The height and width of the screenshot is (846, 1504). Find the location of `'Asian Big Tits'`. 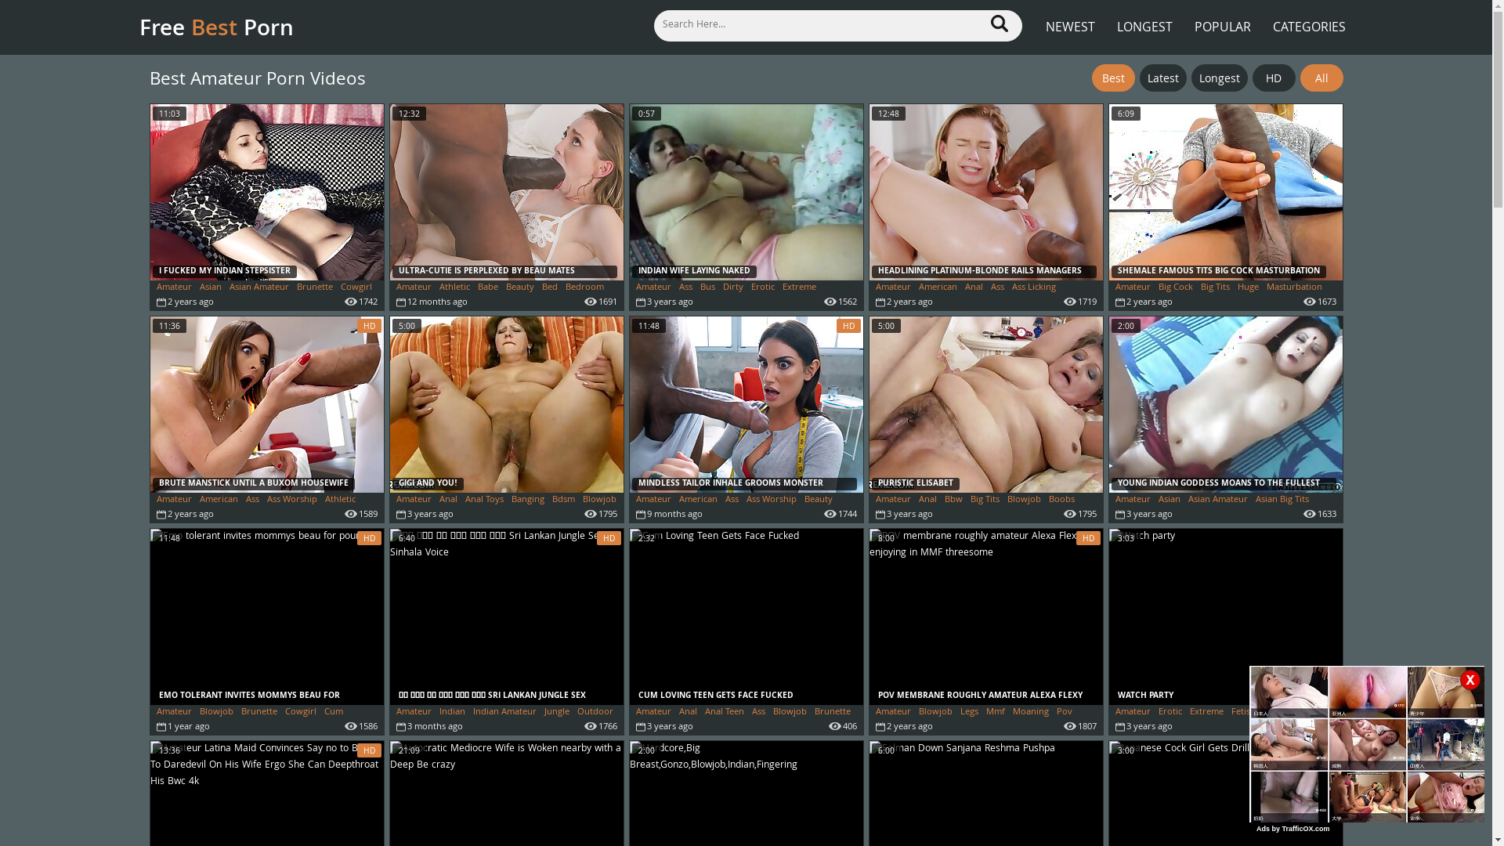

'Asian Big Tits' is located at coordinates (1255, 500).